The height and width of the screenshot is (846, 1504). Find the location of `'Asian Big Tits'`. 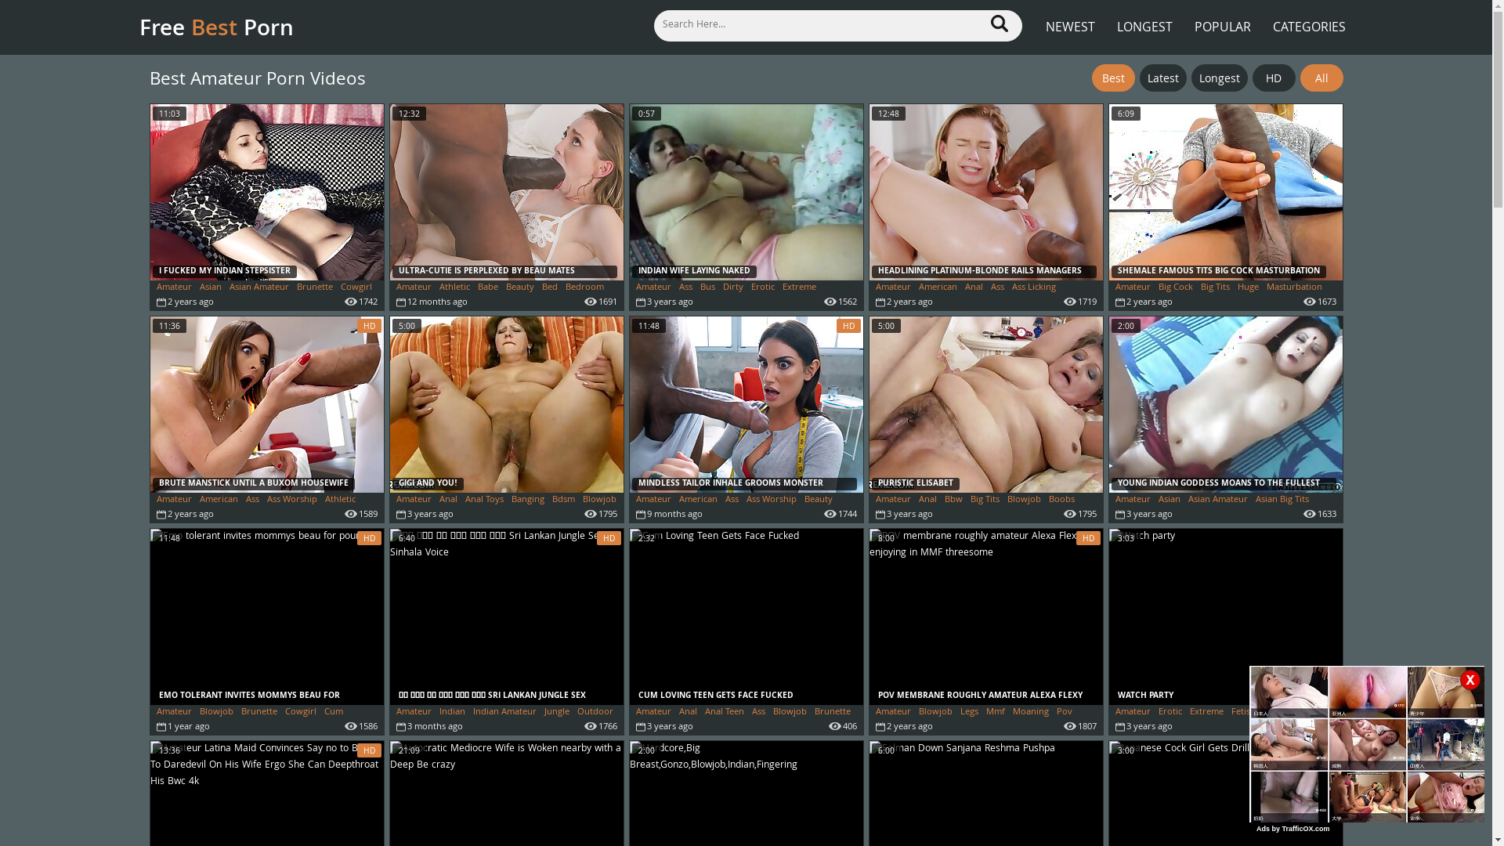

'Asian Big Tits' is located at coordinates (1255, 500).